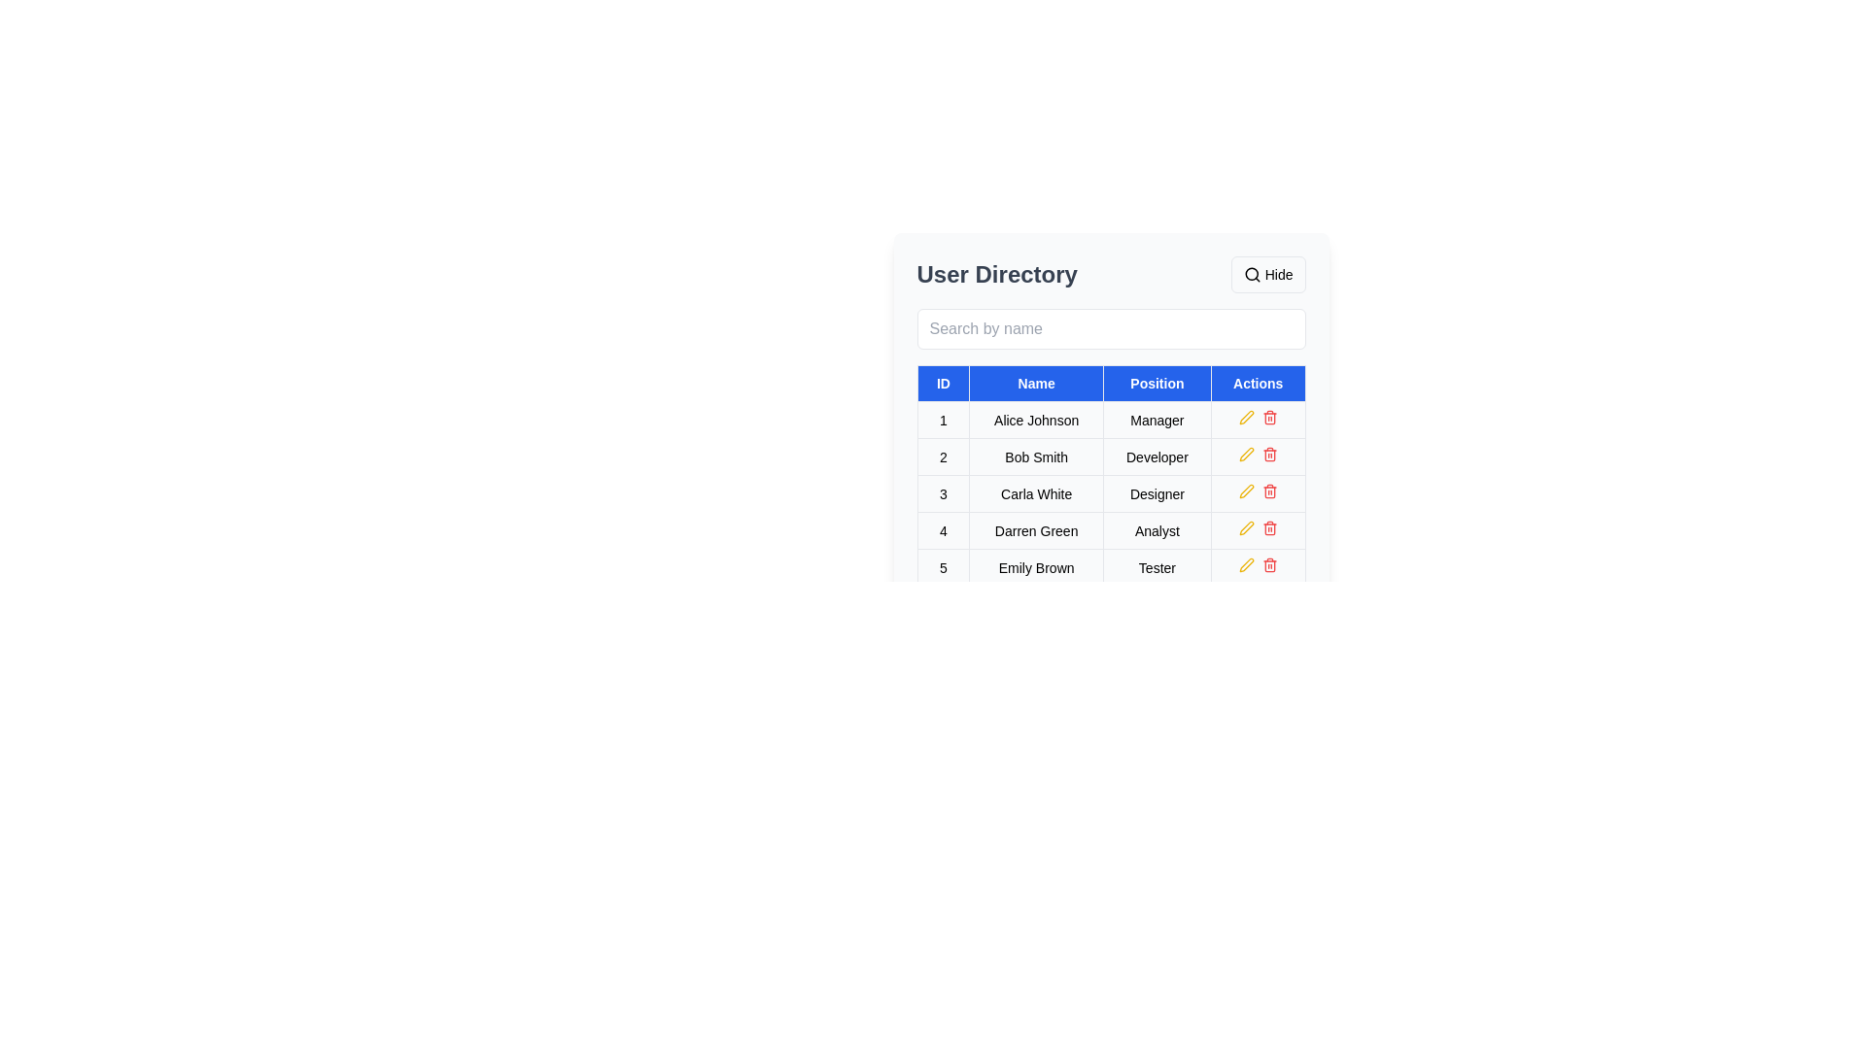 The width and height of the screenshot is (1866, 1049). Describe the element at coordinates (1269, 416) in the screenshot. I see `the deletion button located in the 'Actions' column of the first row of the table within the user directory` at that location.